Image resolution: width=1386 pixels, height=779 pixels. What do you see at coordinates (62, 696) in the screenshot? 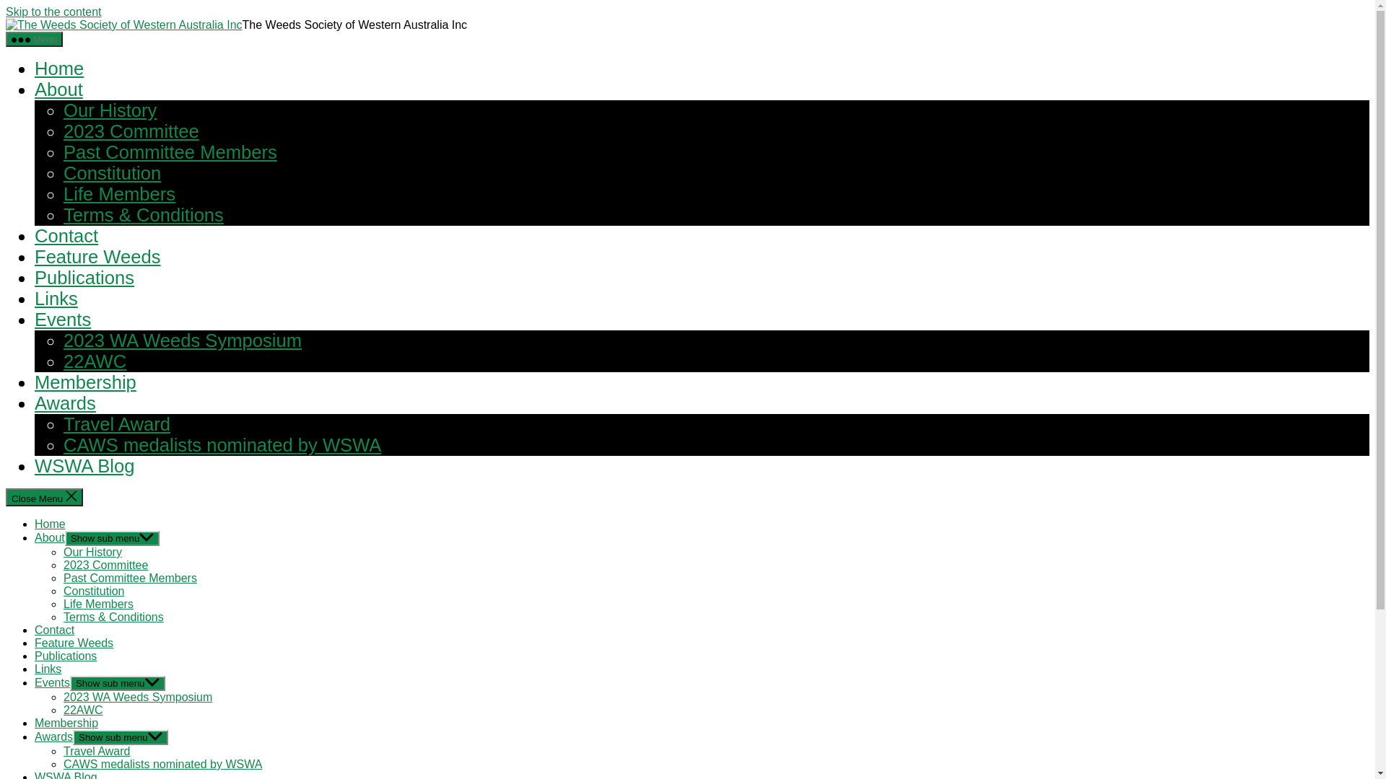
I see `'2023 WA Weeds Symposium'` at bounding box center [62, 696].